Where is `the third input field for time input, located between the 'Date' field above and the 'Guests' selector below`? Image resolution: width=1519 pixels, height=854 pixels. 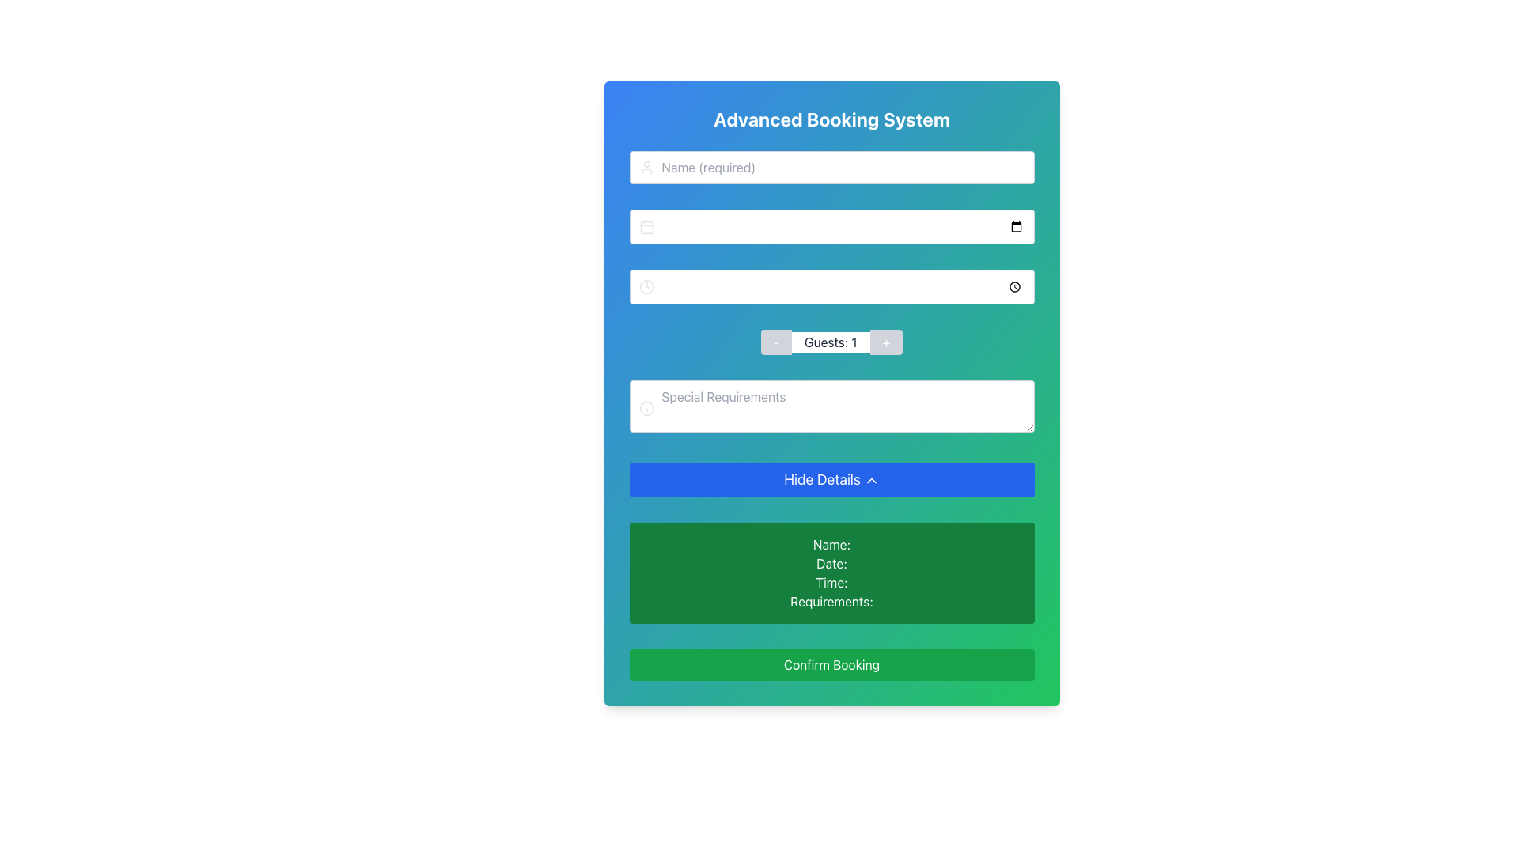
the third input field for time input, located between the 'Date' field above and the 'Guests' selector below is located at coordinates (831, 286).